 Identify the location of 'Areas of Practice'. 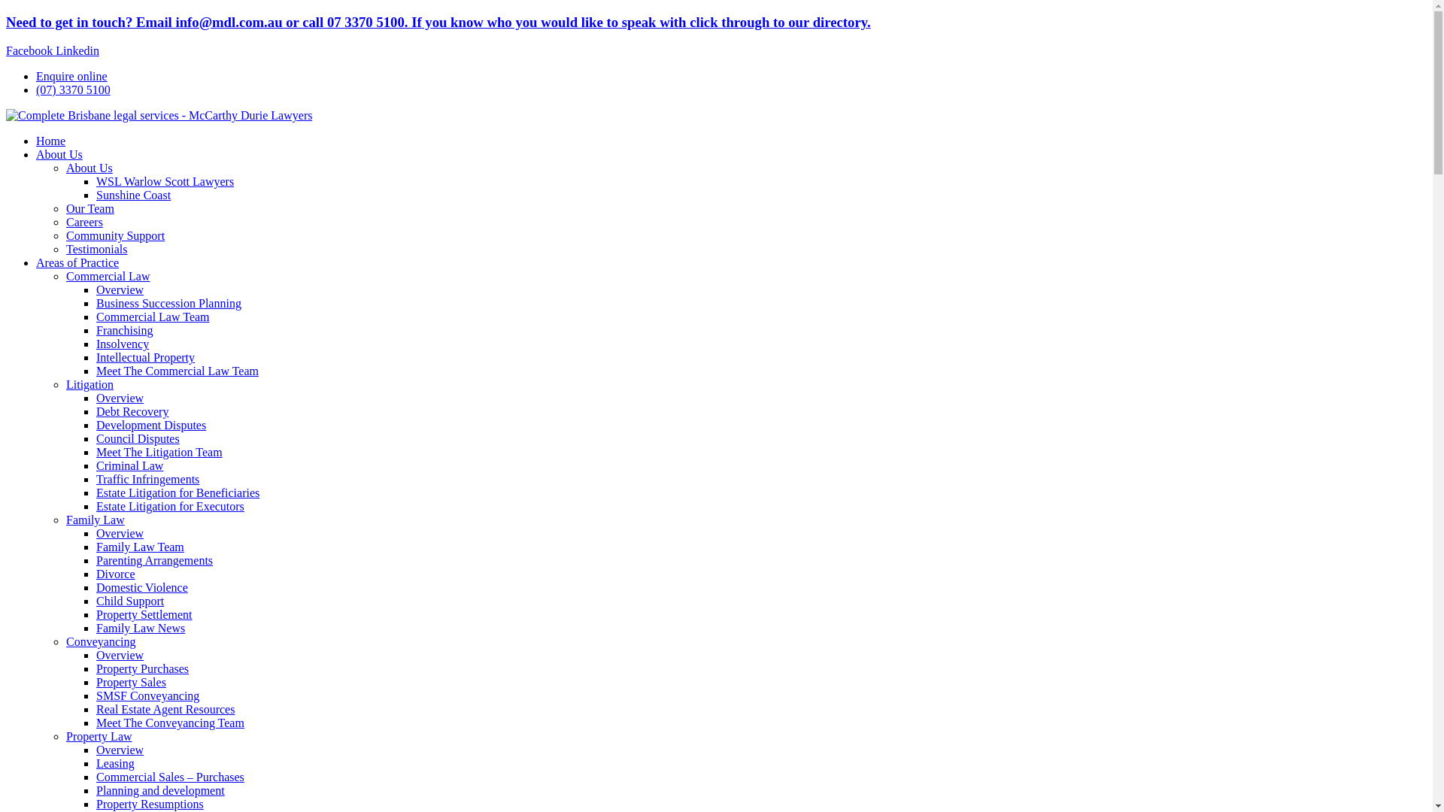
(76, 262).